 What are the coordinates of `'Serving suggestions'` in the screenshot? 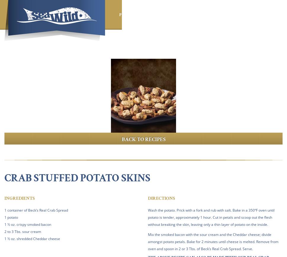 It's located at (256, 15).